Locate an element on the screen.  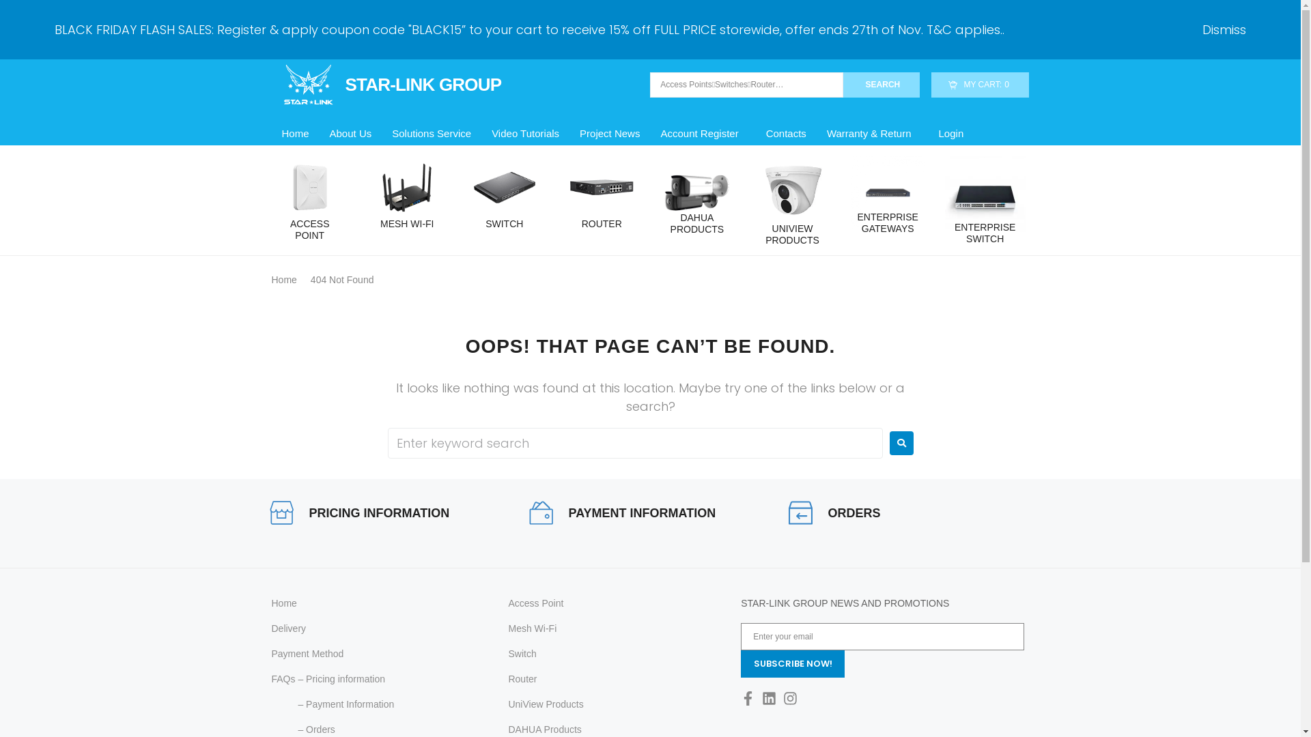
'STAR-LINK GROUP' is located at coordinates (386, 84).